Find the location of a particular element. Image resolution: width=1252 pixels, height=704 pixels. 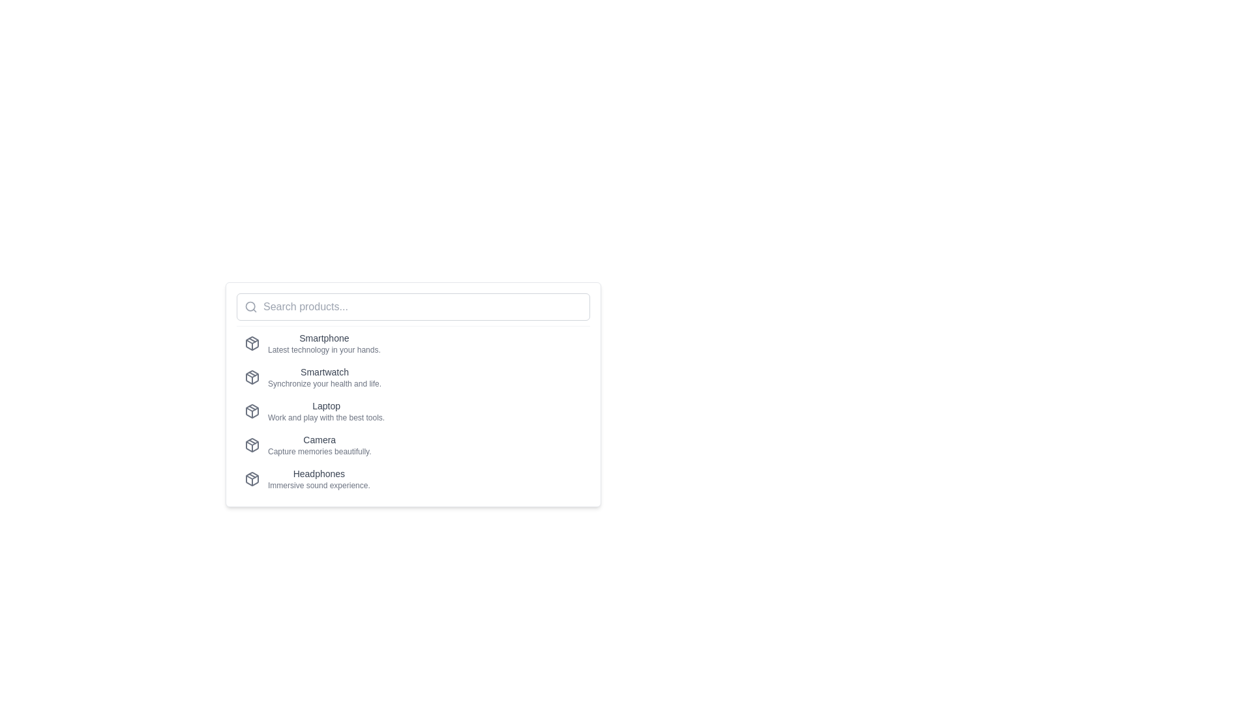

the text element labeled 'Camera' which contains the title 'Camera' in bold gray font and the subtitle 'Capture memories beautifully.' in light gray, located in the fourth icon-text pair of a vertical list is located at coordinates (320, 444).